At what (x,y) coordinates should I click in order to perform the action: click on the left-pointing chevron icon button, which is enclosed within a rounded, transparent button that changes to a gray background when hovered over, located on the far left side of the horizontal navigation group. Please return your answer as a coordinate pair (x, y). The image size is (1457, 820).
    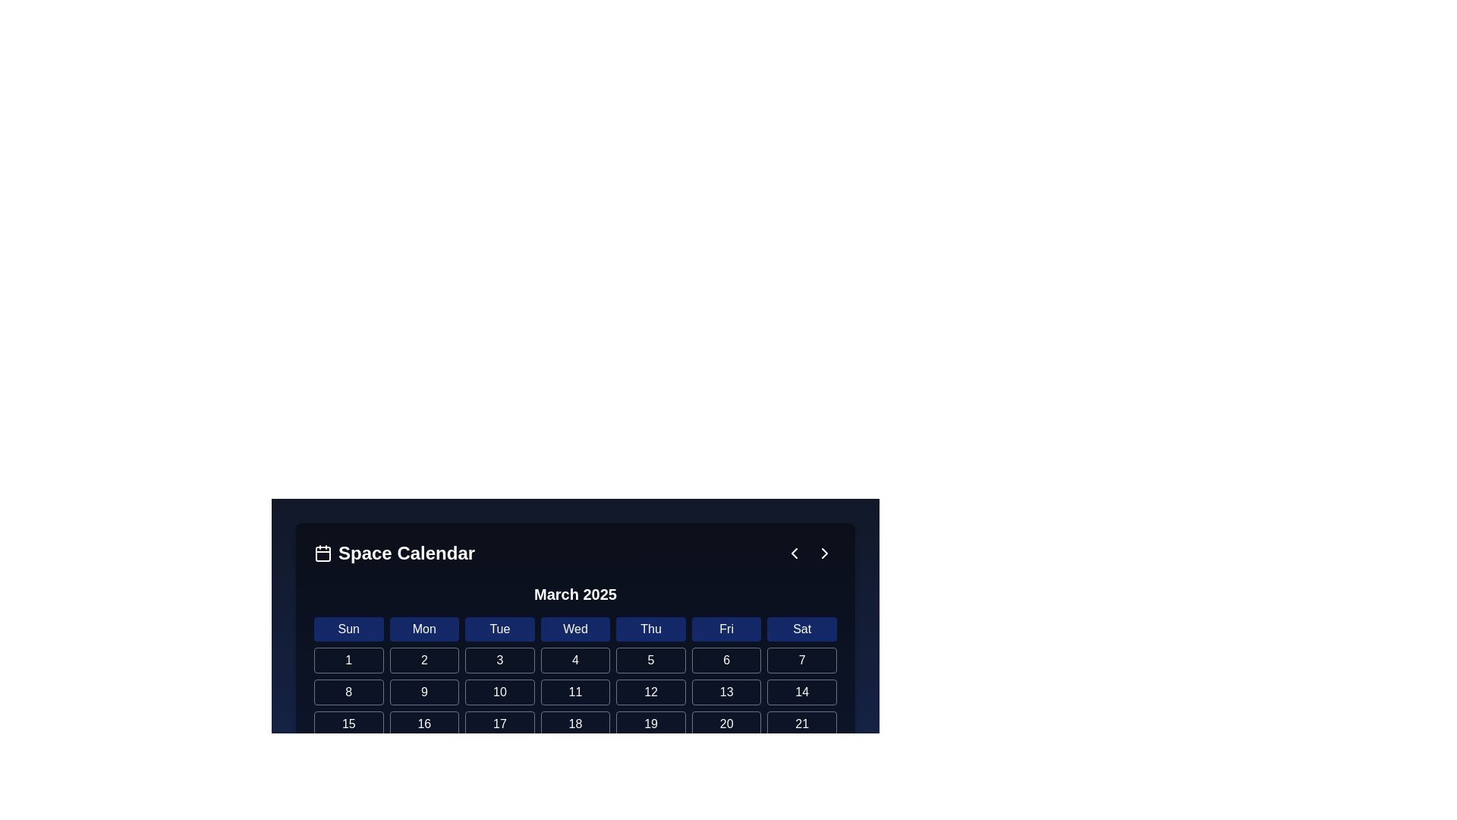
    Looking at the image, I should click on (793, 553).